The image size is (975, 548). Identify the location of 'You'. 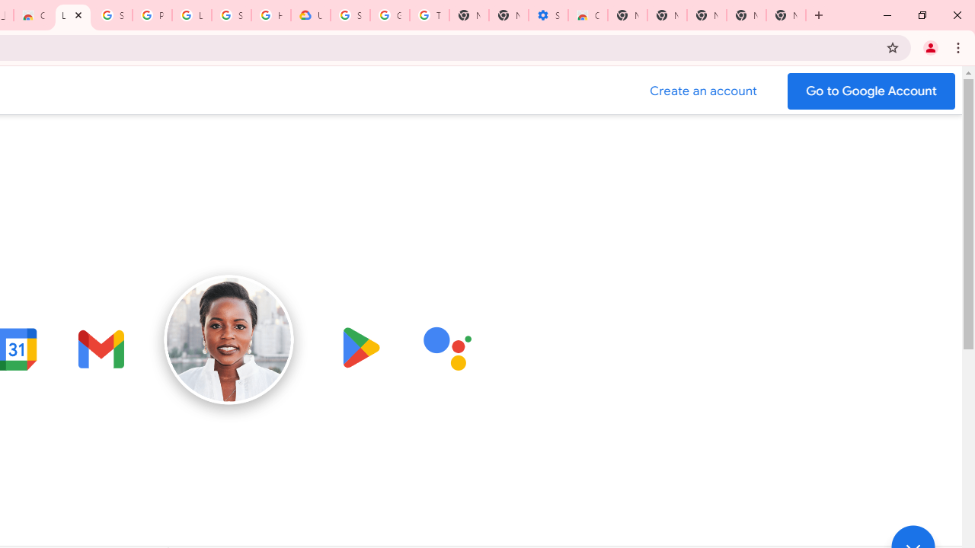
(929, 46).